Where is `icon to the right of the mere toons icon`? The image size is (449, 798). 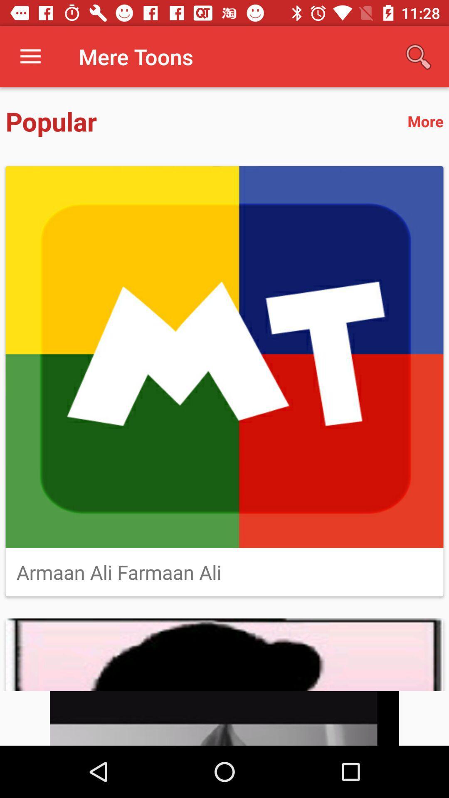 icon to the right of the mere toons icon is located at coordinates (418, 56).